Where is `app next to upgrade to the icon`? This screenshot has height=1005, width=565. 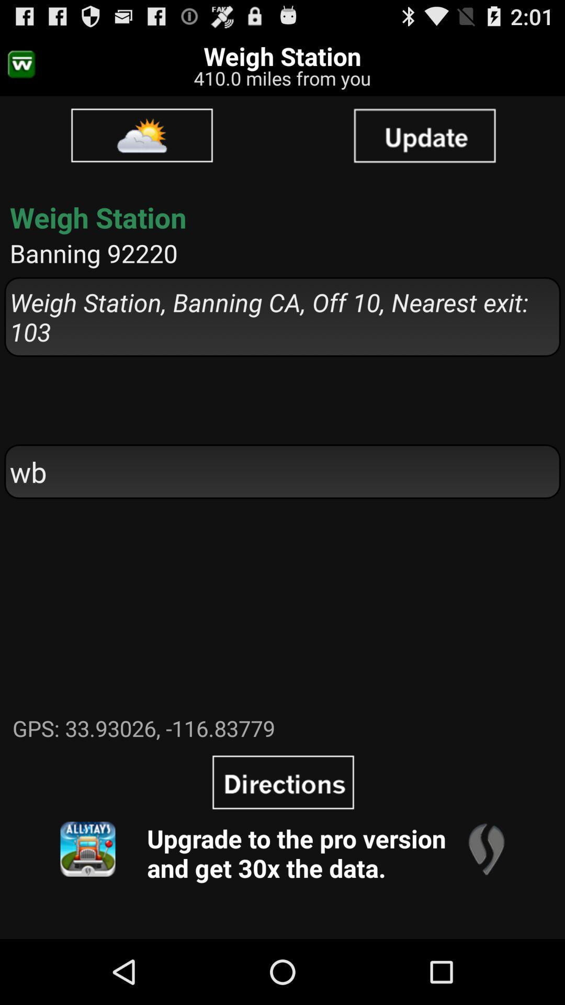 app next to upgrade to the icon is located at coordinates (87, 849).